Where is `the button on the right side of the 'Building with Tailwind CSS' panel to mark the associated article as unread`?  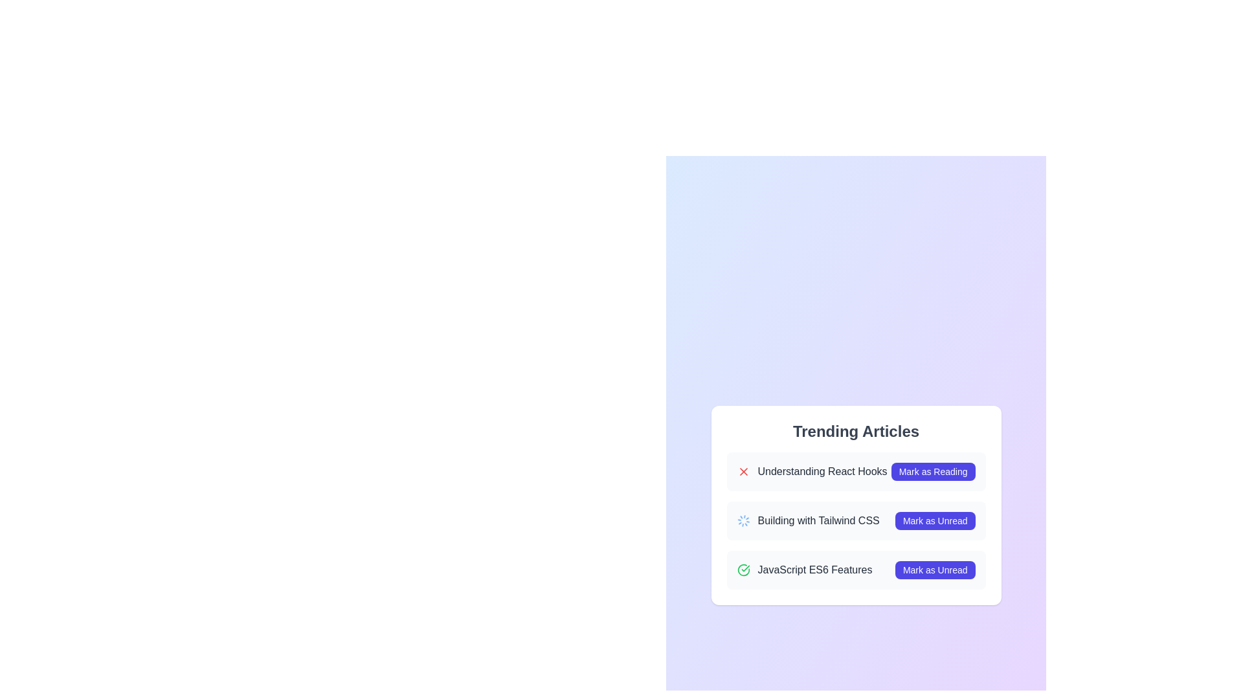 the button on the right side of the 'Building with Tailwind CSS' panel to mark the associated article as unread is located at coordinates (935, 520).